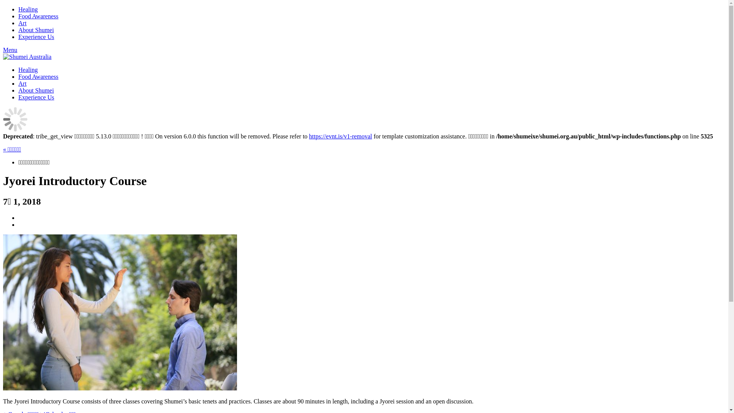 The width and height of the screenshot is (734, 413). What do you see at coordinates (22, 23) in the screenshot?
I see `'Art'` at bounding box center [22, 23].